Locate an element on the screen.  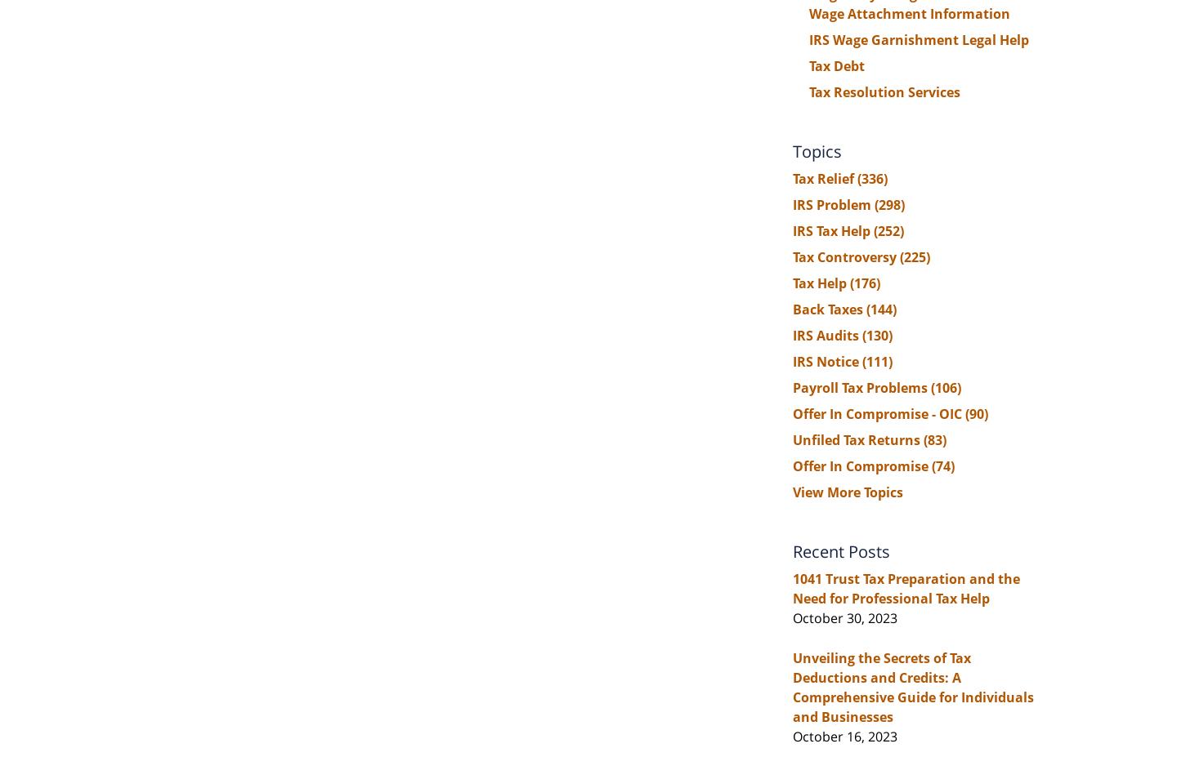
'Recent Posts' is located at coordinates (841, 550).